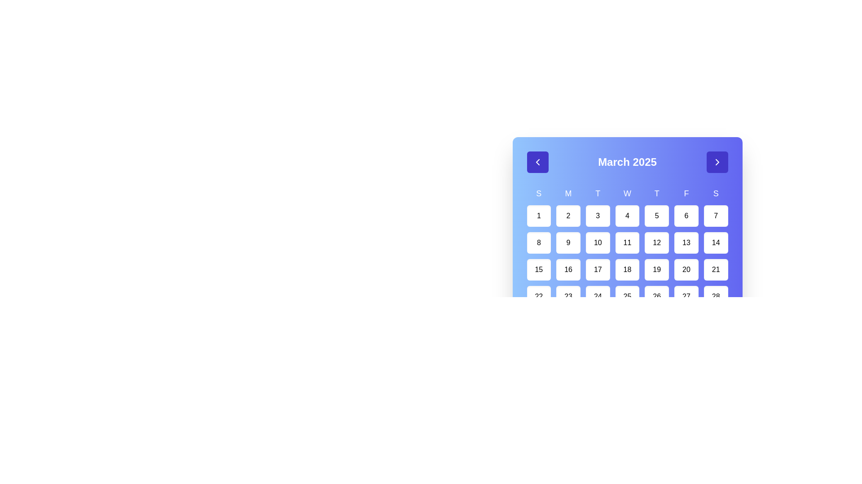 This screenshot has width=862, height=484. I want to click on the button located at the top-left corner of the calendar view, so click(537, 162).